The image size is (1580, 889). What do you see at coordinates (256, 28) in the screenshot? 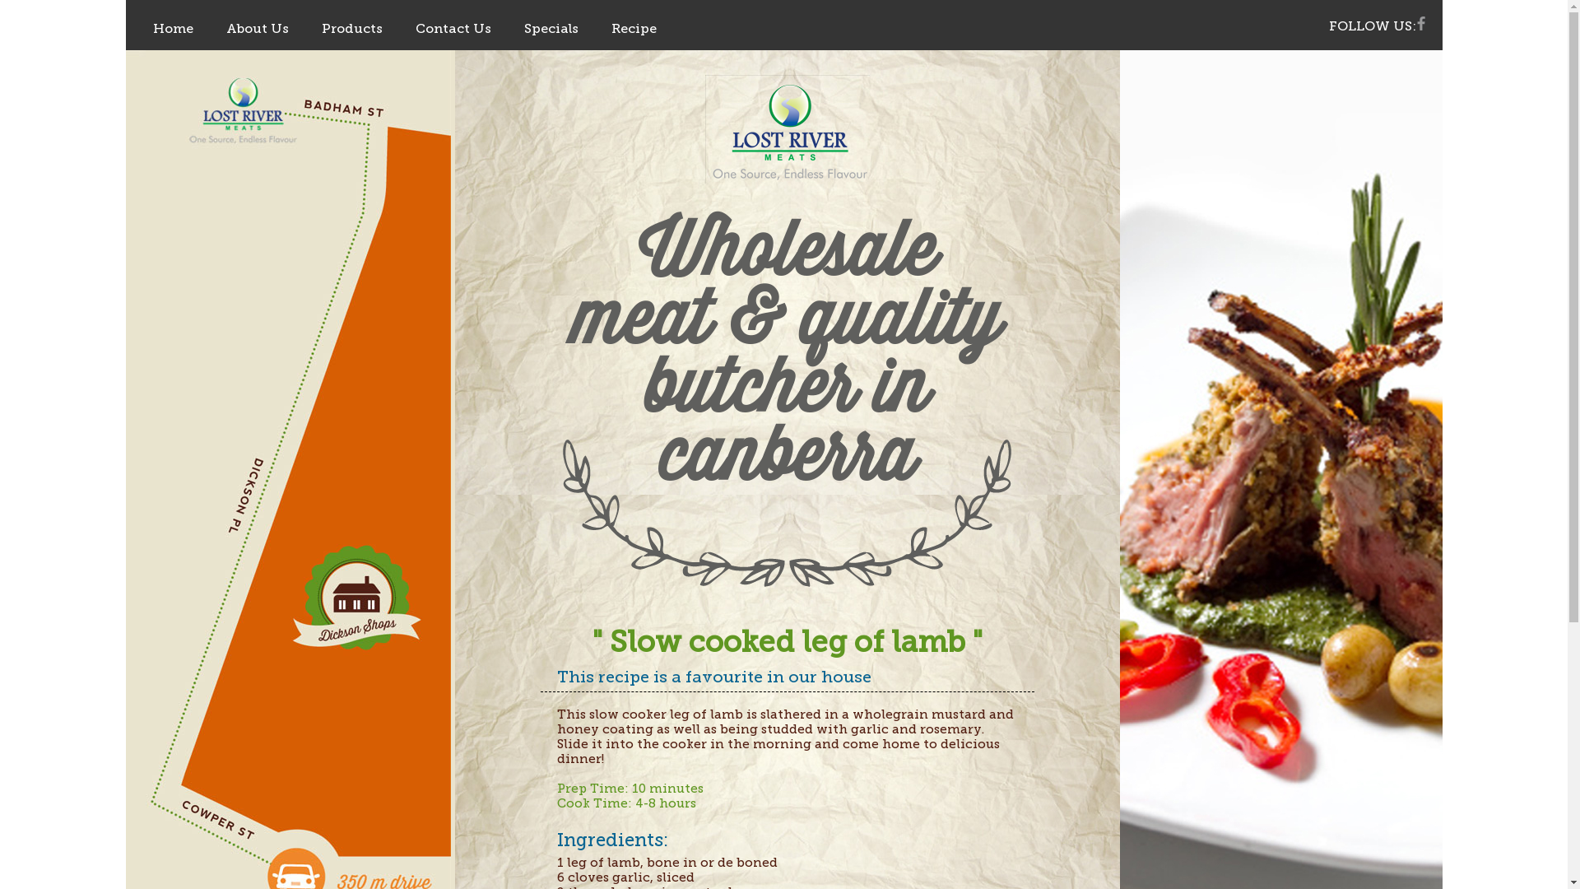
I see `'About Us'` at bounding box center [256, 28].